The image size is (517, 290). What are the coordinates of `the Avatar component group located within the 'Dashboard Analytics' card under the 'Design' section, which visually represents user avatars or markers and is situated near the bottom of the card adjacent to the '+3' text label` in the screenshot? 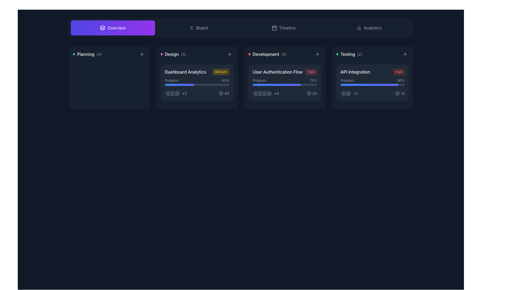 It's located at (172, 93).